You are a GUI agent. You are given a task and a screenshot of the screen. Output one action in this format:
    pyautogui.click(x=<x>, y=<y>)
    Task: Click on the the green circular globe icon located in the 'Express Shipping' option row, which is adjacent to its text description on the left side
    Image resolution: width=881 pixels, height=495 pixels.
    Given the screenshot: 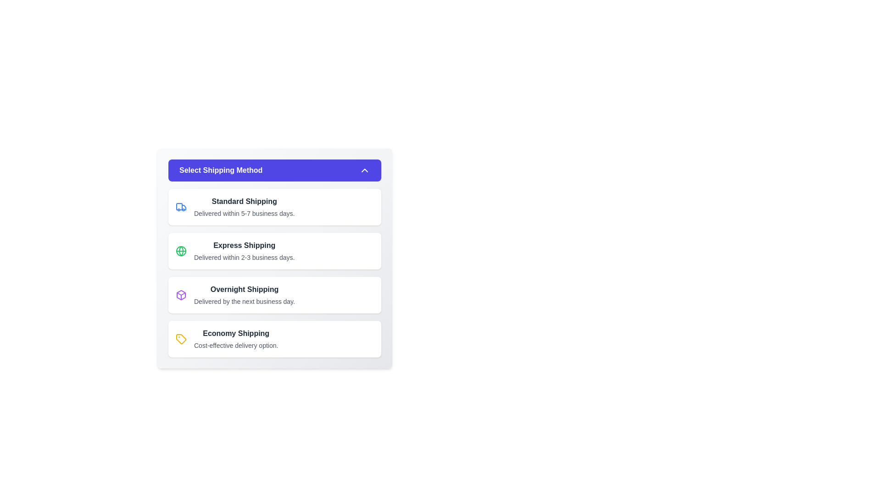 What is the action you would take?
    pyautogui.click(x=181, y=251)
    